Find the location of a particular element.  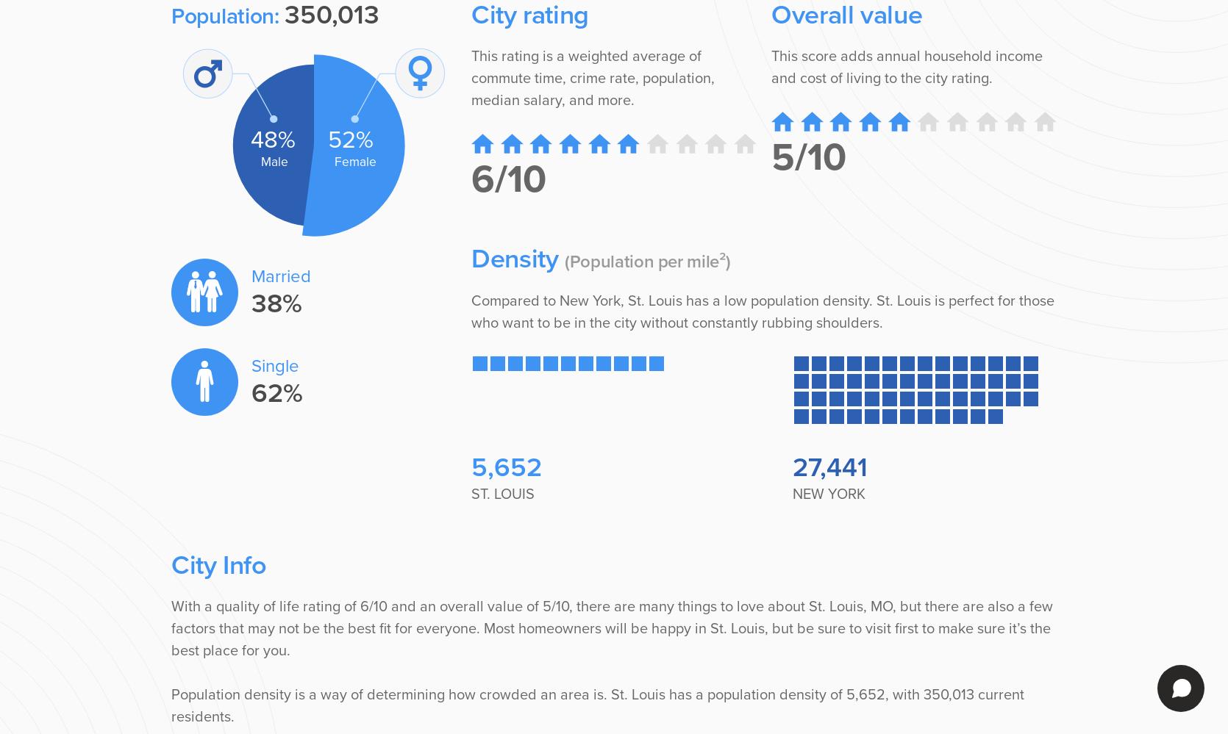

'With a quality of life rating of 6/10 and an overall value of 5/10, there are many things to love about St. Louis, MO, but there are also a few factors that may not be the best fit for everyone. Most homeowners will be happy in St. Louis, but be sure to visit first to make sure it’s the best place for you.' is located at coordinates (611, 627).